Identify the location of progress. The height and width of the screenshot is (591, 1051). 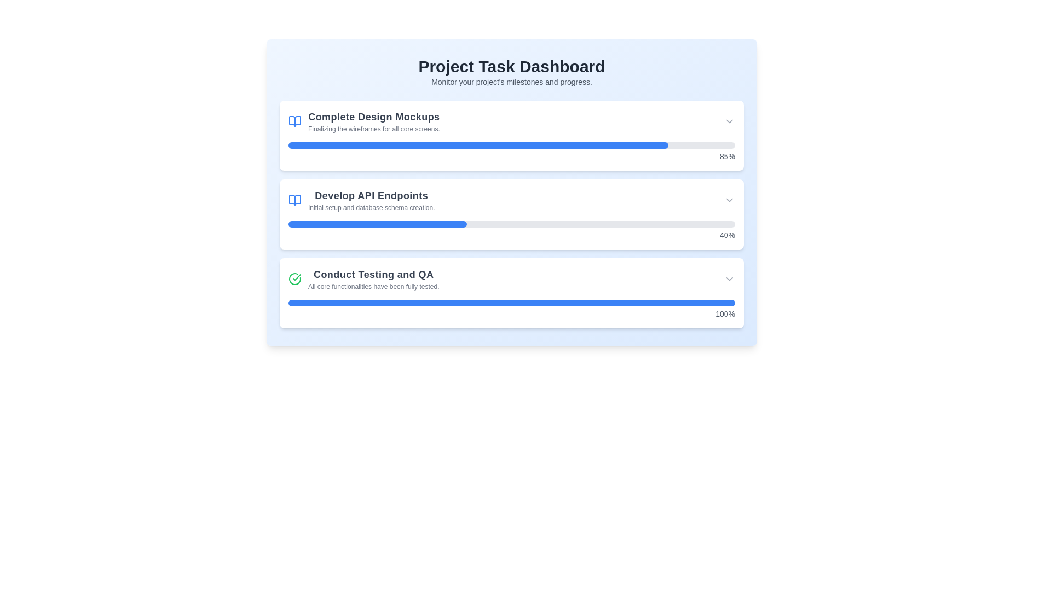
(655, 223).